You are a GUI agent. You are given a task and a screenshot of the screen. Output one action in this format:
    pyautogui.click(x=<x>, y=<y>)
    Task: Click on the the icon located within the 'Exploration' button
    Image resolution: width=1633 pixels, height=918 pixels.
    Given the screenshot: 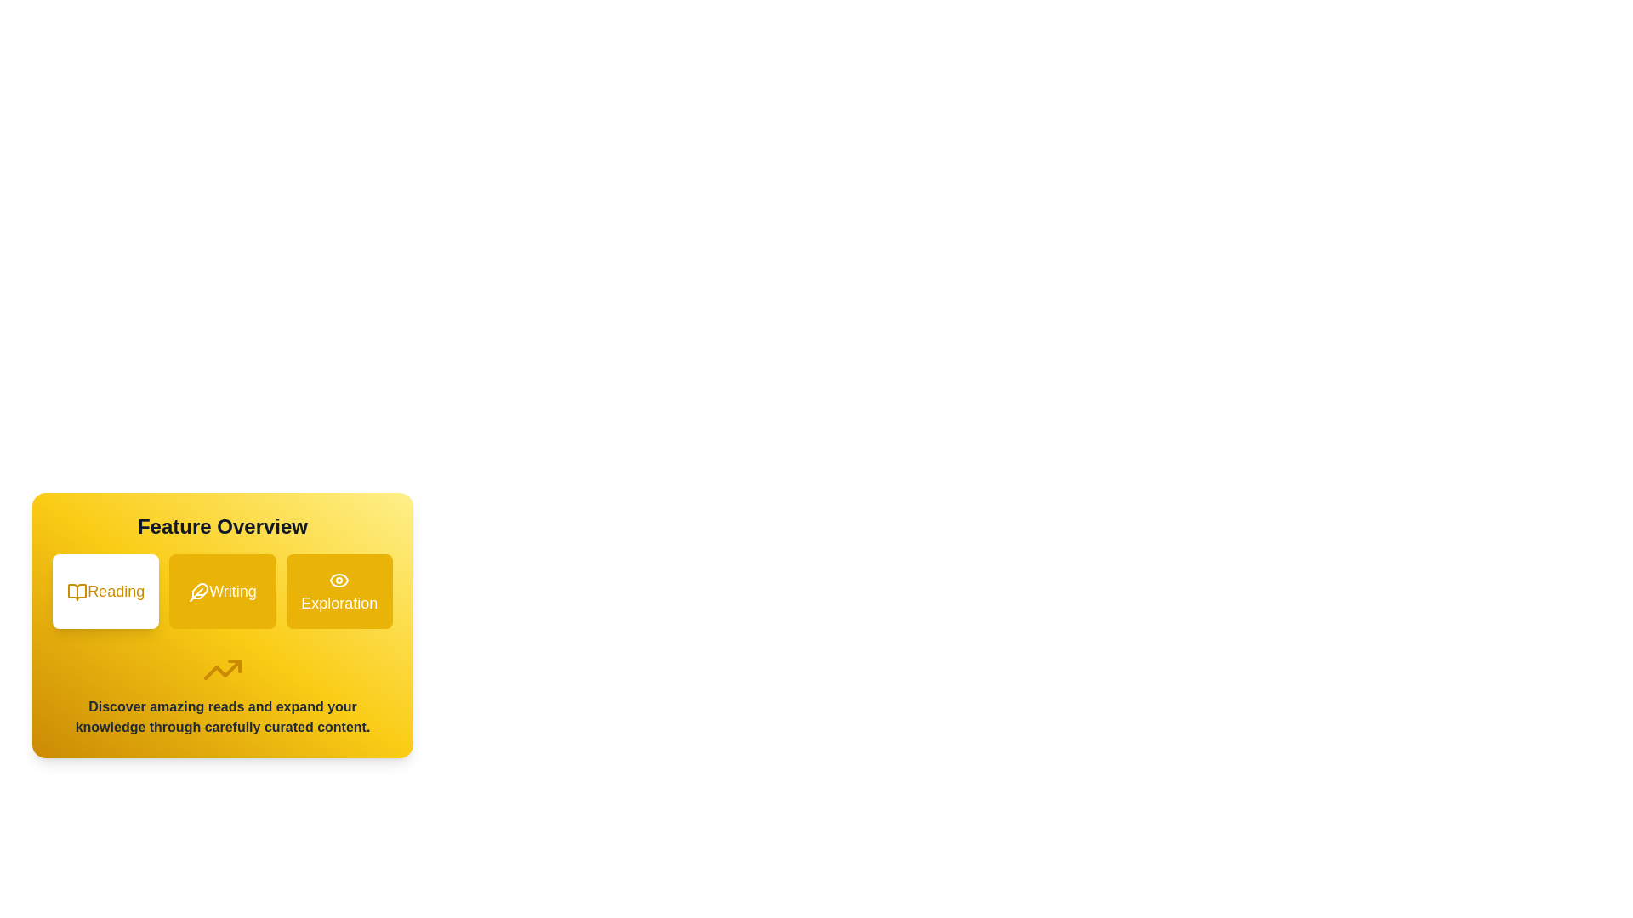 What is the action you would take?
    pyautogui.click(x=339, y=580)
    